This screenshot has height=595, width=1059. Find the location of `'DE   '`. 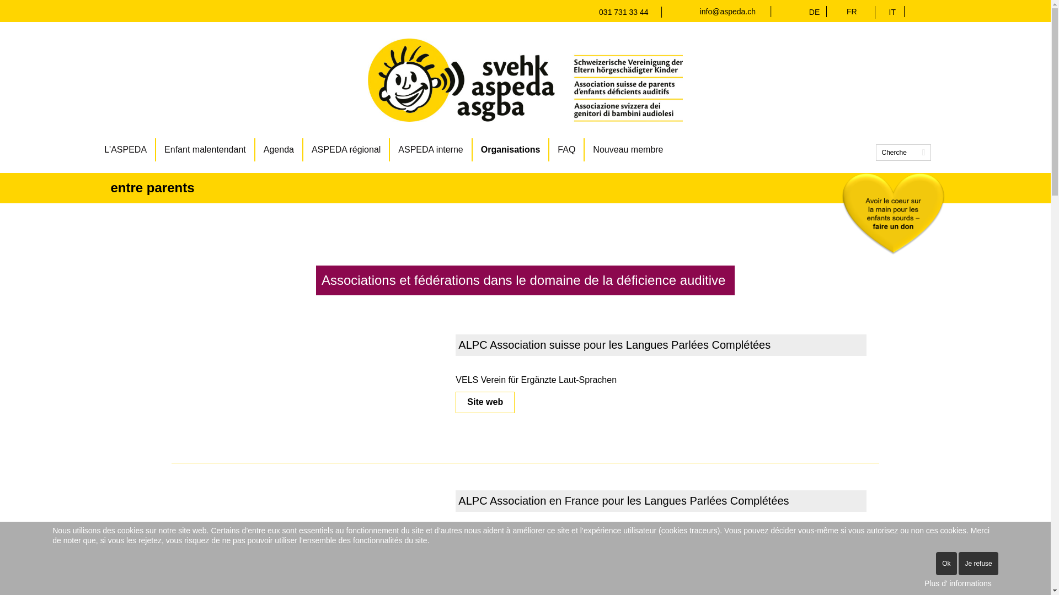

'DE   ' is located at coordinates (817, 12).